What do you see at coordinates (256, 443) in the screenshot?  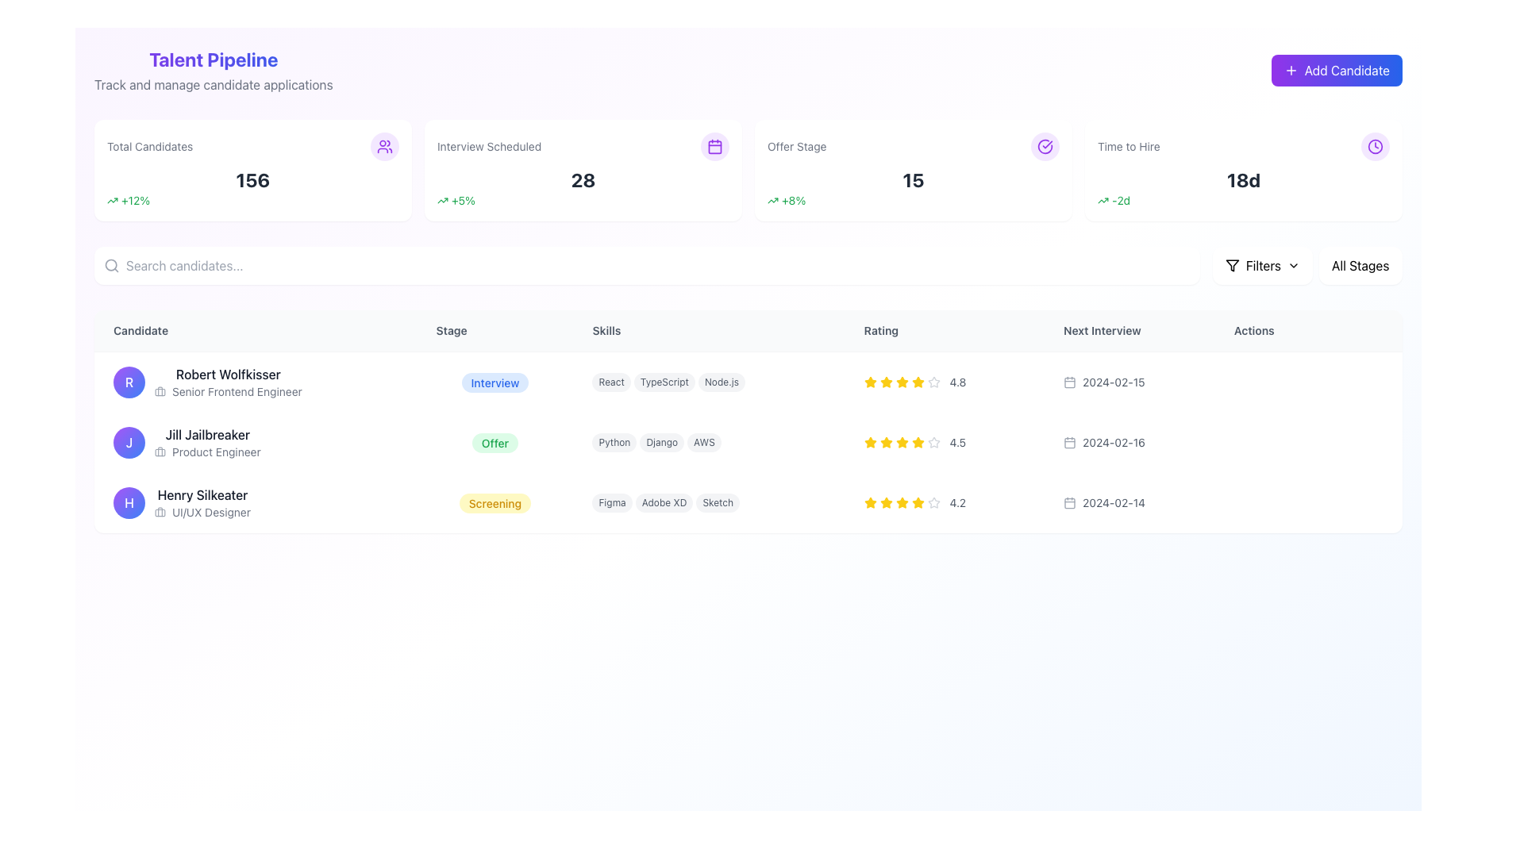 I see `the name 'Jill Jailbreaker' in the Profile summary row` at bounding box center [256, 443].